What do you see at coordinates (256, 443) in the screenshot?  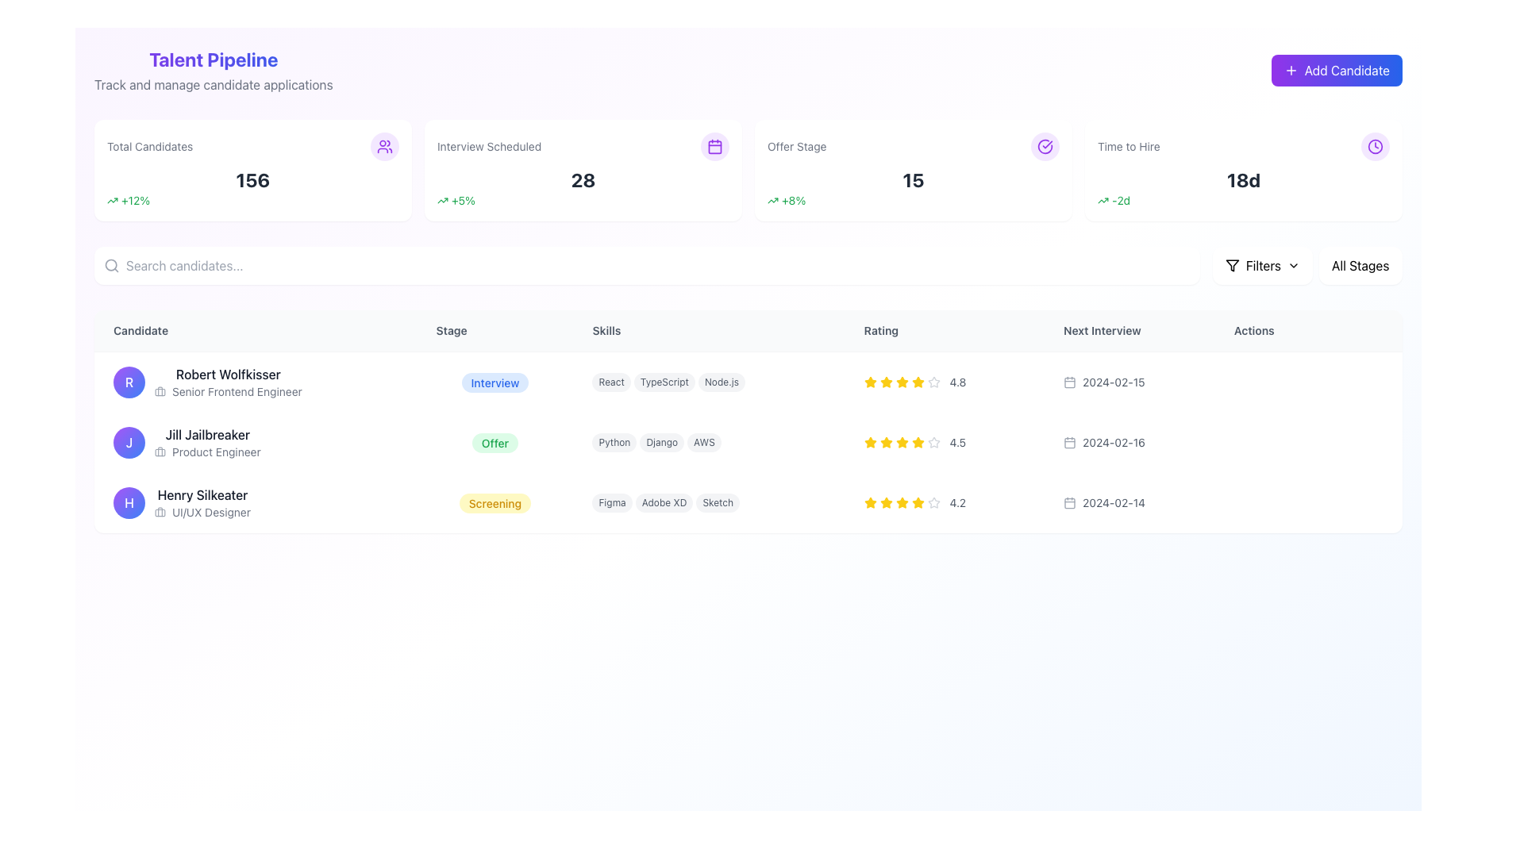 I see `the name 'Jill Jailbreaker' in the Profile summary row` at bounding box center [256, 443].